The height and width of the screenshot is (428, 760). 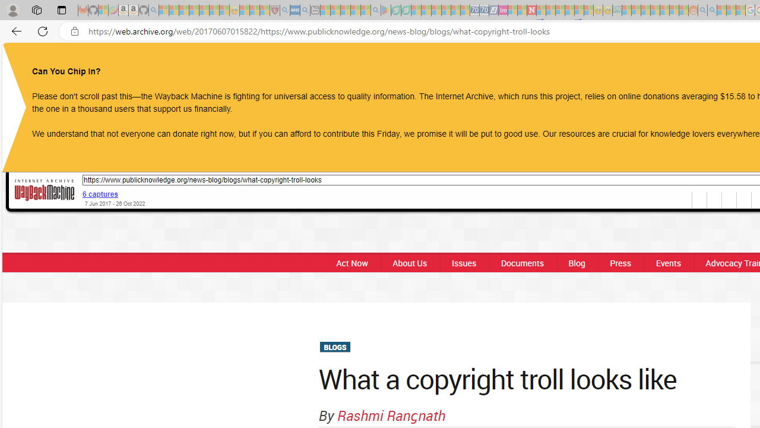 What do you see at coordinates (665, 10) in the screenshot?
I see `'Kinda Frugal - MSN - Sleeping'` at bounding box center [665, 10].